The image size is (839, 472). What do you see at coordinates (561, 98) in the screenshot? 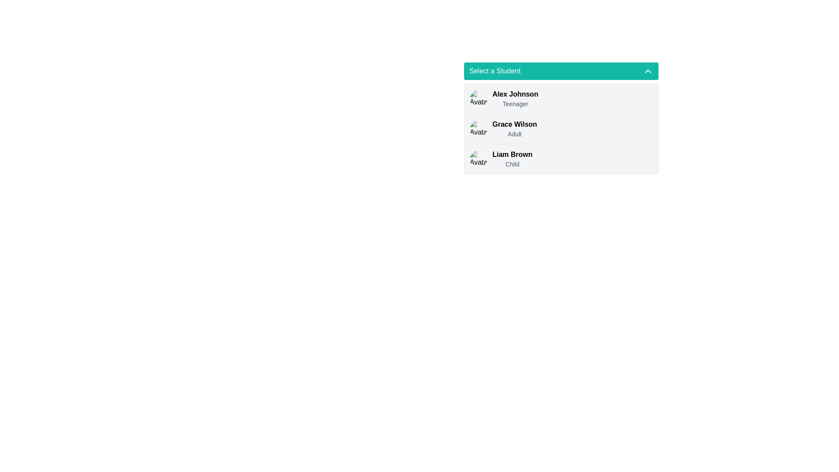
I see `the first list item representing 'Alex Johnson'` at bounding box center [561, 98].